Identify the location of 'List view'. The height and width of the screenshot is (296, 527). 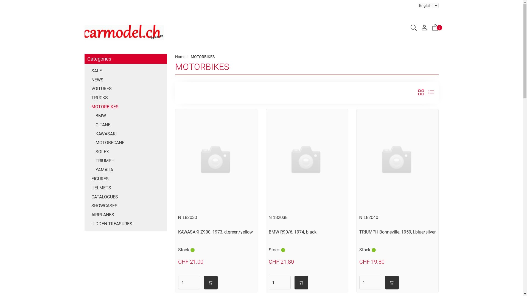
(430, 92).